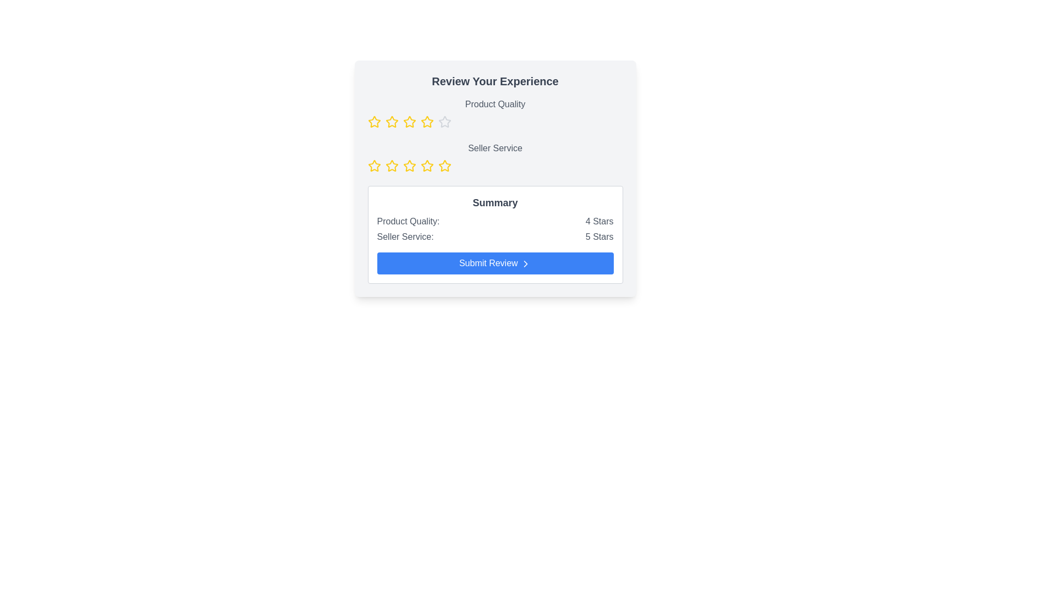 This screenshot has width=1056, height=594. What do you see at coordinates (408, 221) in the screenshot?
I see `the Text label that describes the star rating of the product quality, located in the top-left corner of the 'Summary' section` at bounding box center [408, 221].